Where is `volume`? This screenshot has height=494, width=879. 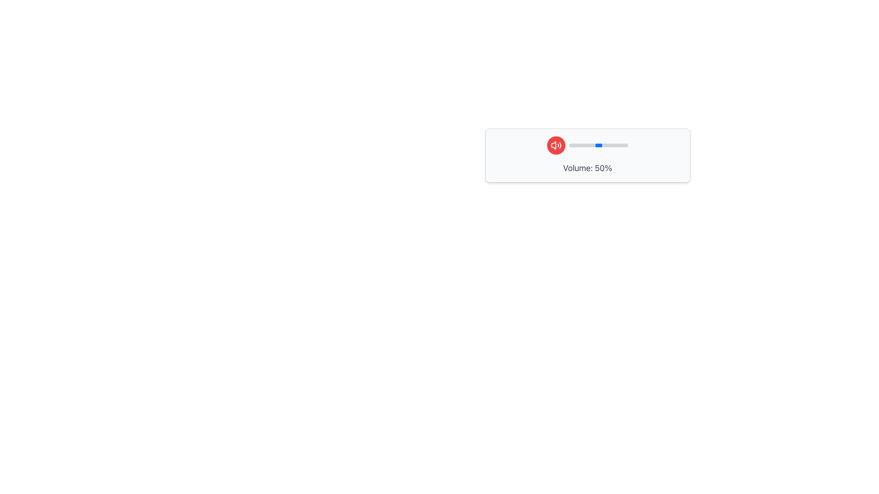 volume is located at coordinates (574, 145).